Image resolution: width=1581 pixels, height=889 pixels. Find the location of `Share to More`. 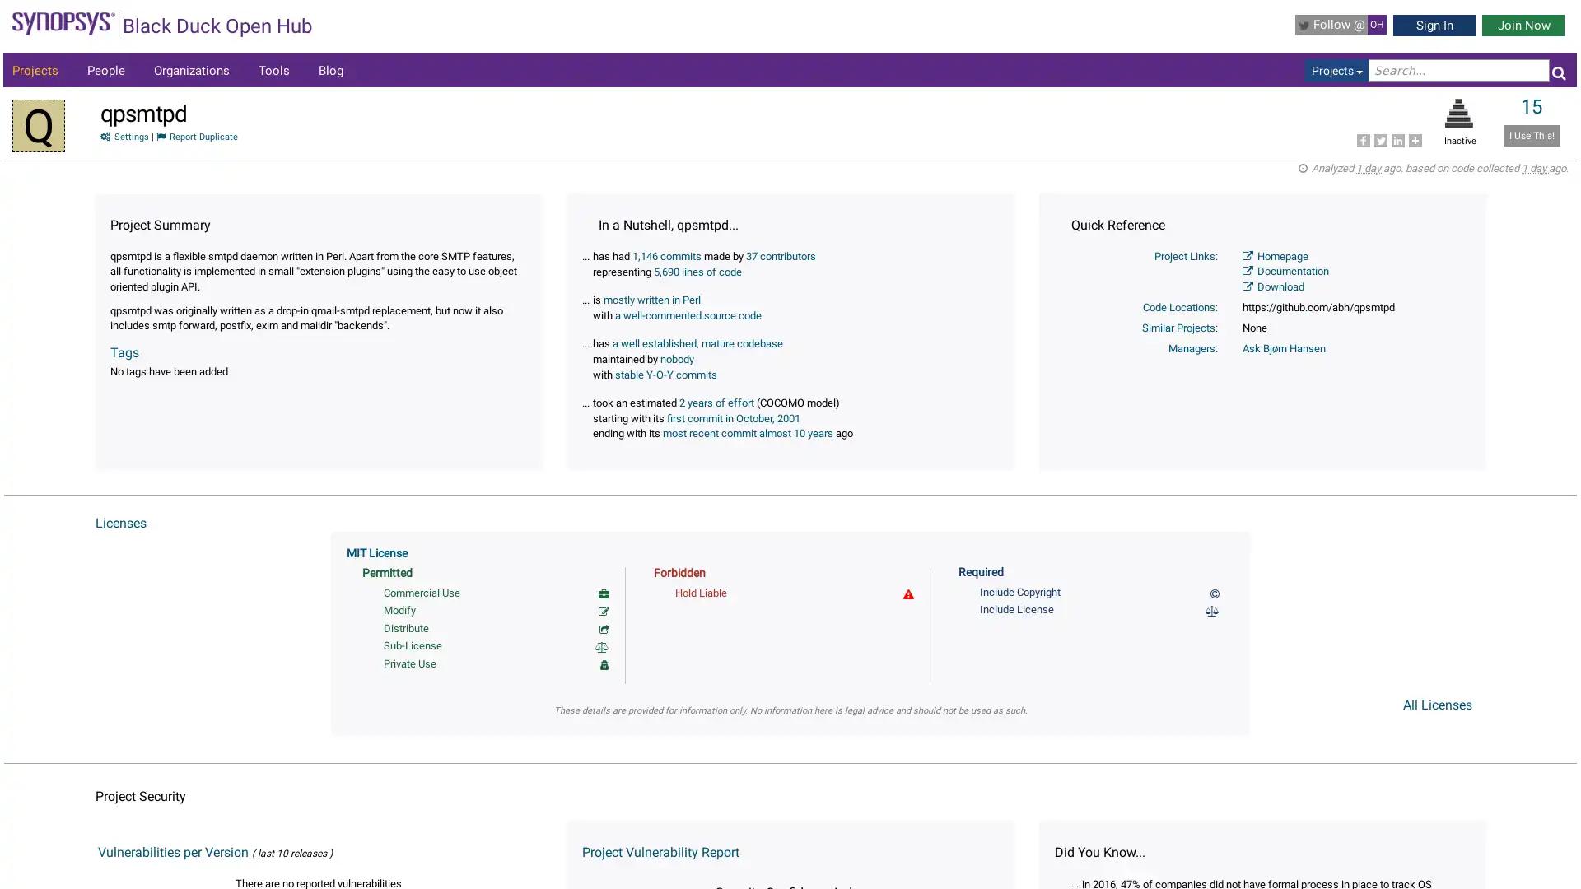

Share to More is located at coordinates (1414, 139).